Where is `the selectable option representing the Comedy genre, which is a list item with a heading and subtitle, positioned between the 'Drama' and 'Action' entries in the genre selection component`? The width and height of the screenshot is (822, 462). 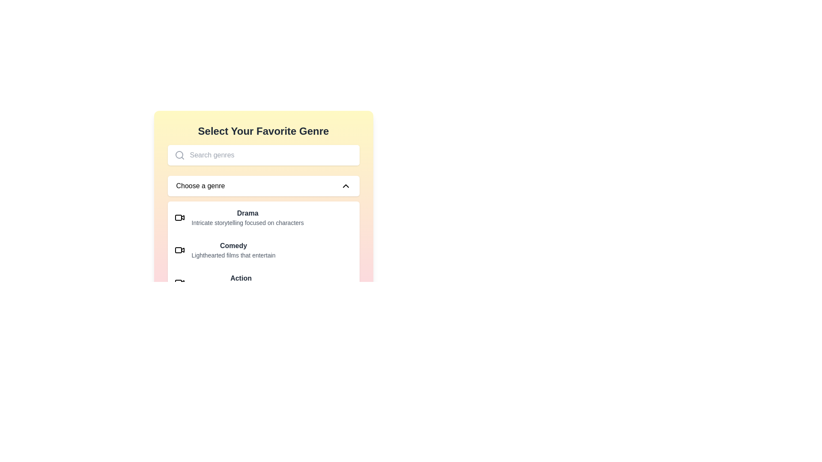 the selectable option representing the Comedy genre, which is a list item with a heading and subtitle, positioned between the 'Drama' and 'Action' entries in the genre selection component is located at coordinates (233, 250).